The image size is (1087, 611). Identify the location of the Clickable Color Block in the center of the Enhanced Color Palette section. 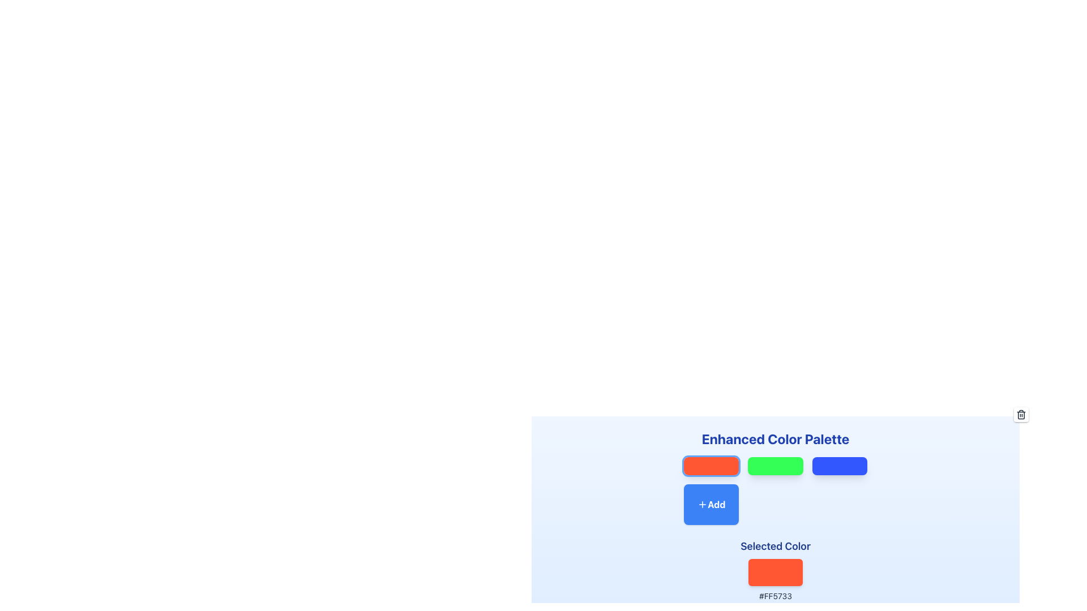
(774, 466).